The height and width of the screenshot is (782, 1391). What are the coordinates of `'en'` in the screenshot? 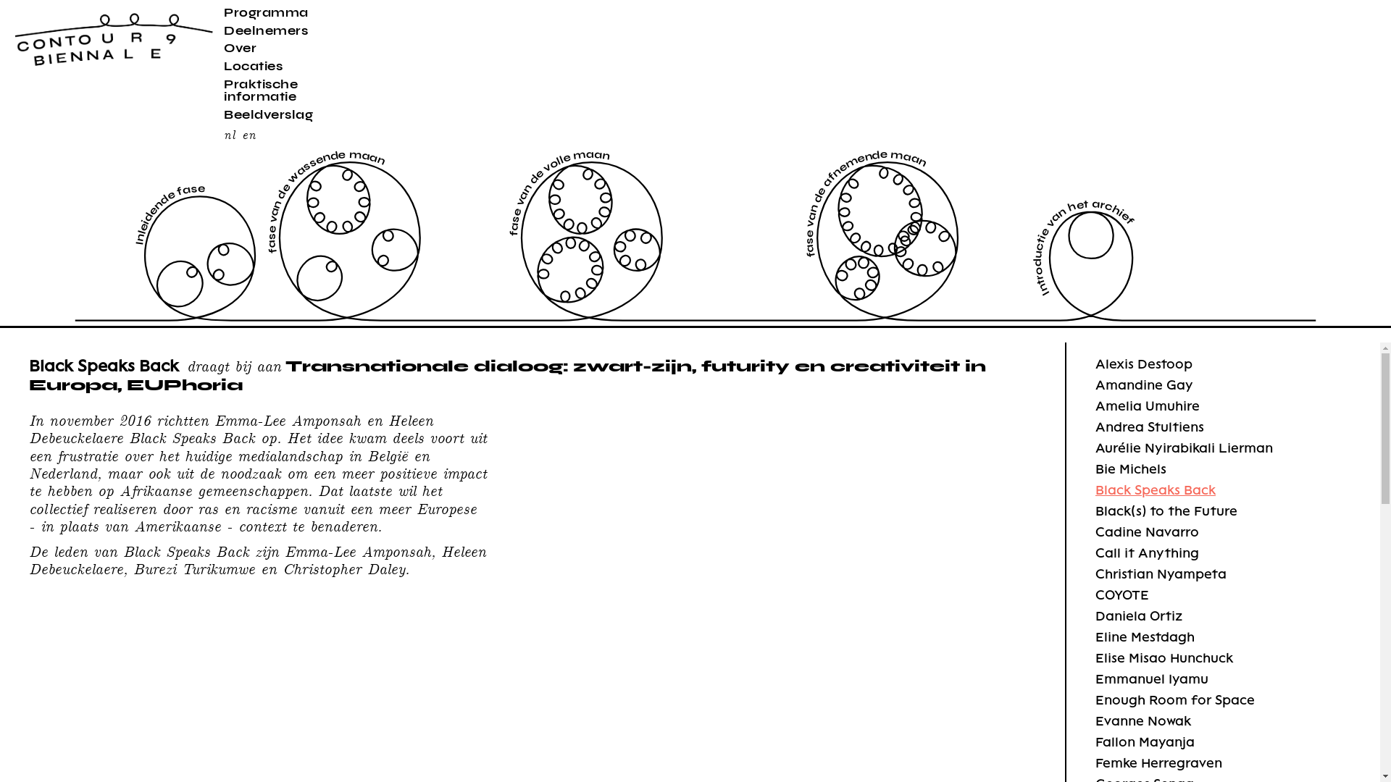 It's located at (248, 134).